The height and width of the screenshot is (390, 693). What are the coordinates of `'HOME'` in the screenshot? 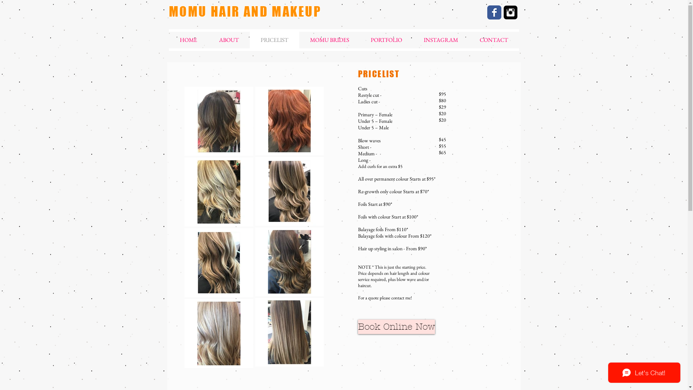 It's located at (188, 40).